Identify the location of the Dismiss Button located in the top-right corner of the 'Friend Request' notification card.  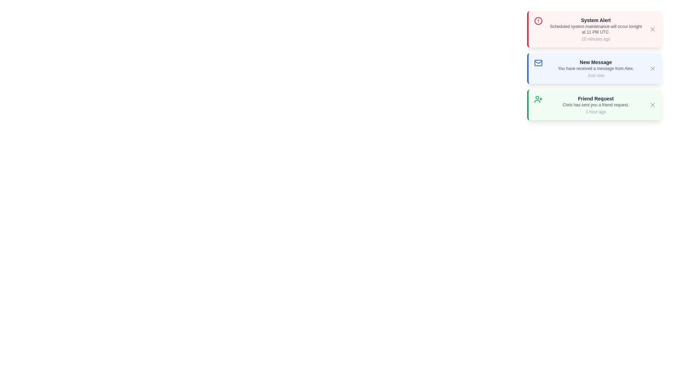
(652, 105).